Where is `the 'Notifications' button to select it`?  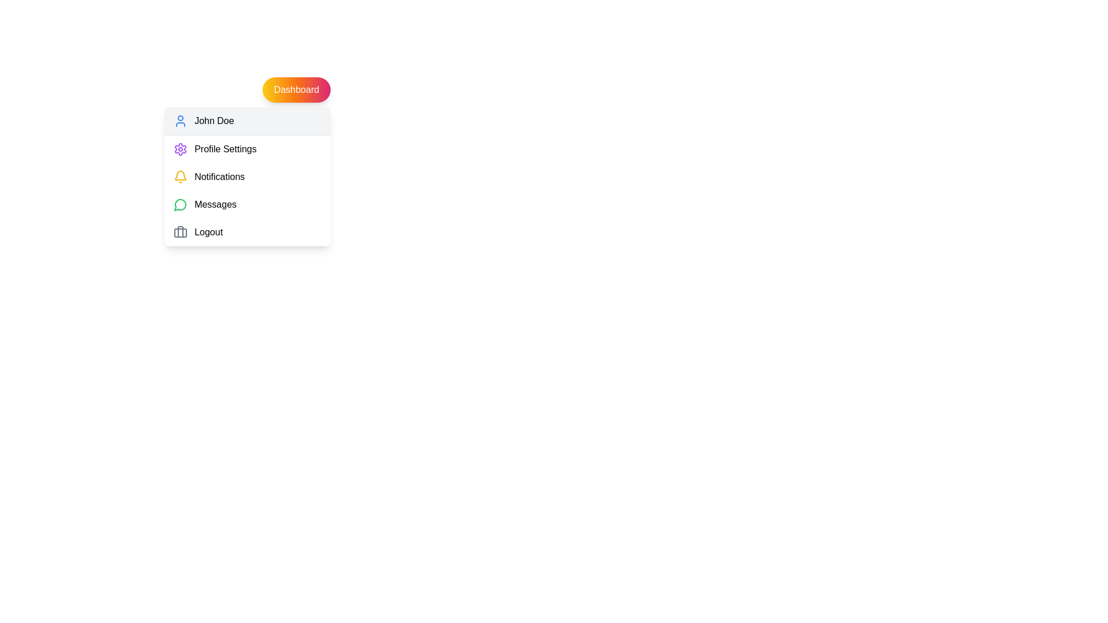
the 'Notifications' button to select it is located at coordinates (246, 177).